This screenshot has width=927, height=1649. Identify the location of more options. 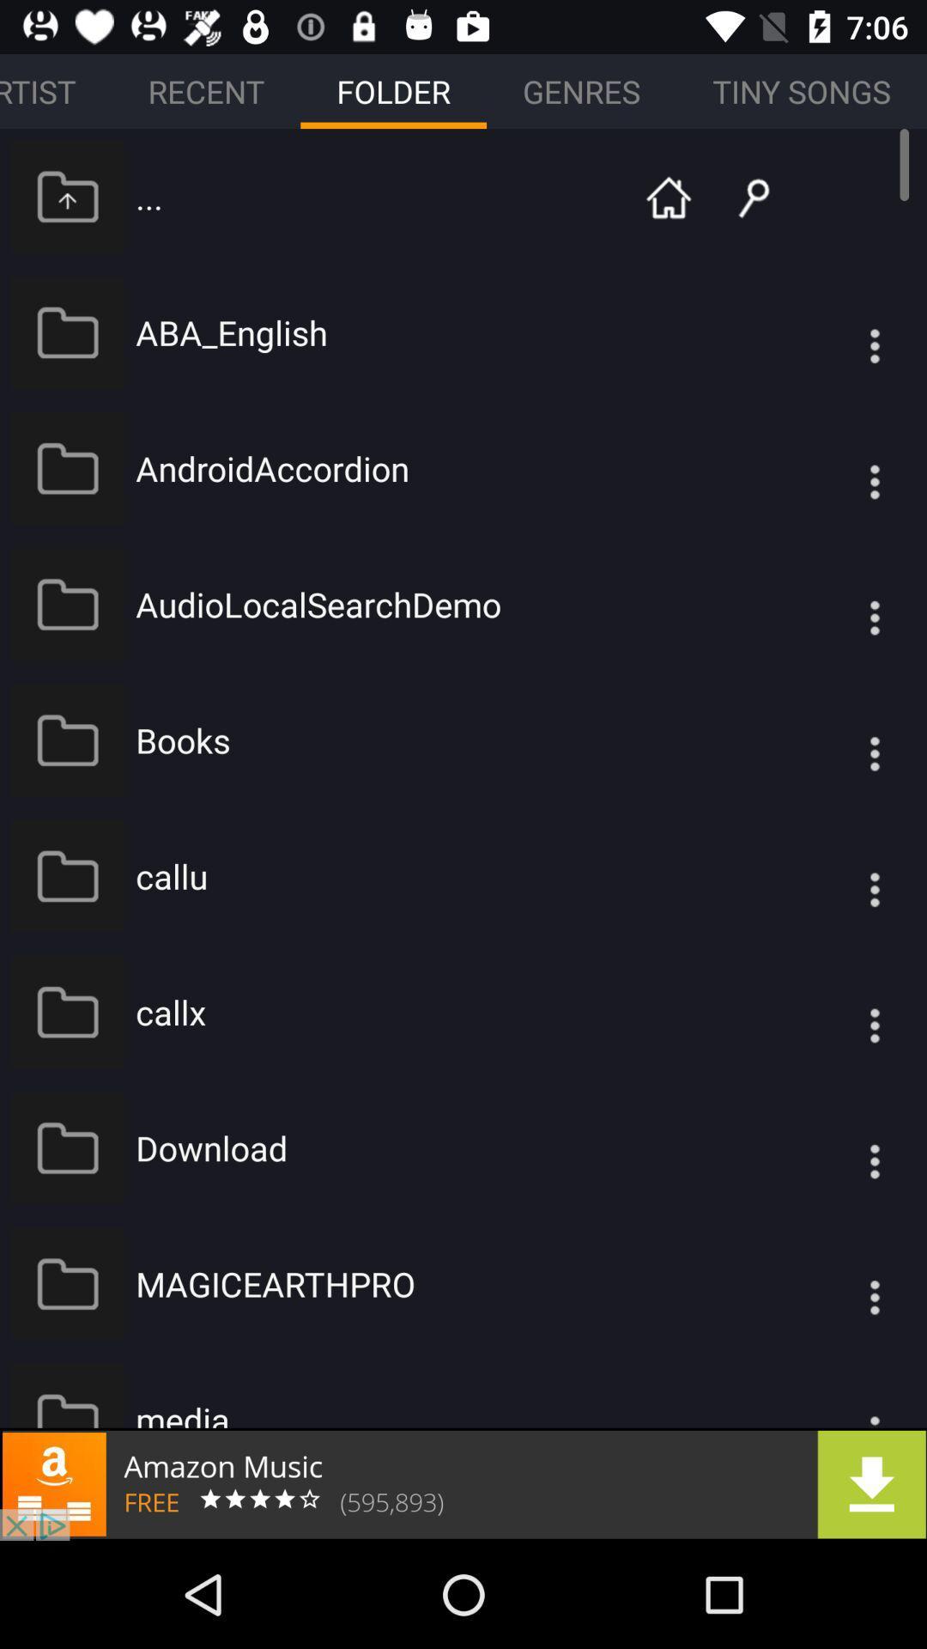
(839, 1012).